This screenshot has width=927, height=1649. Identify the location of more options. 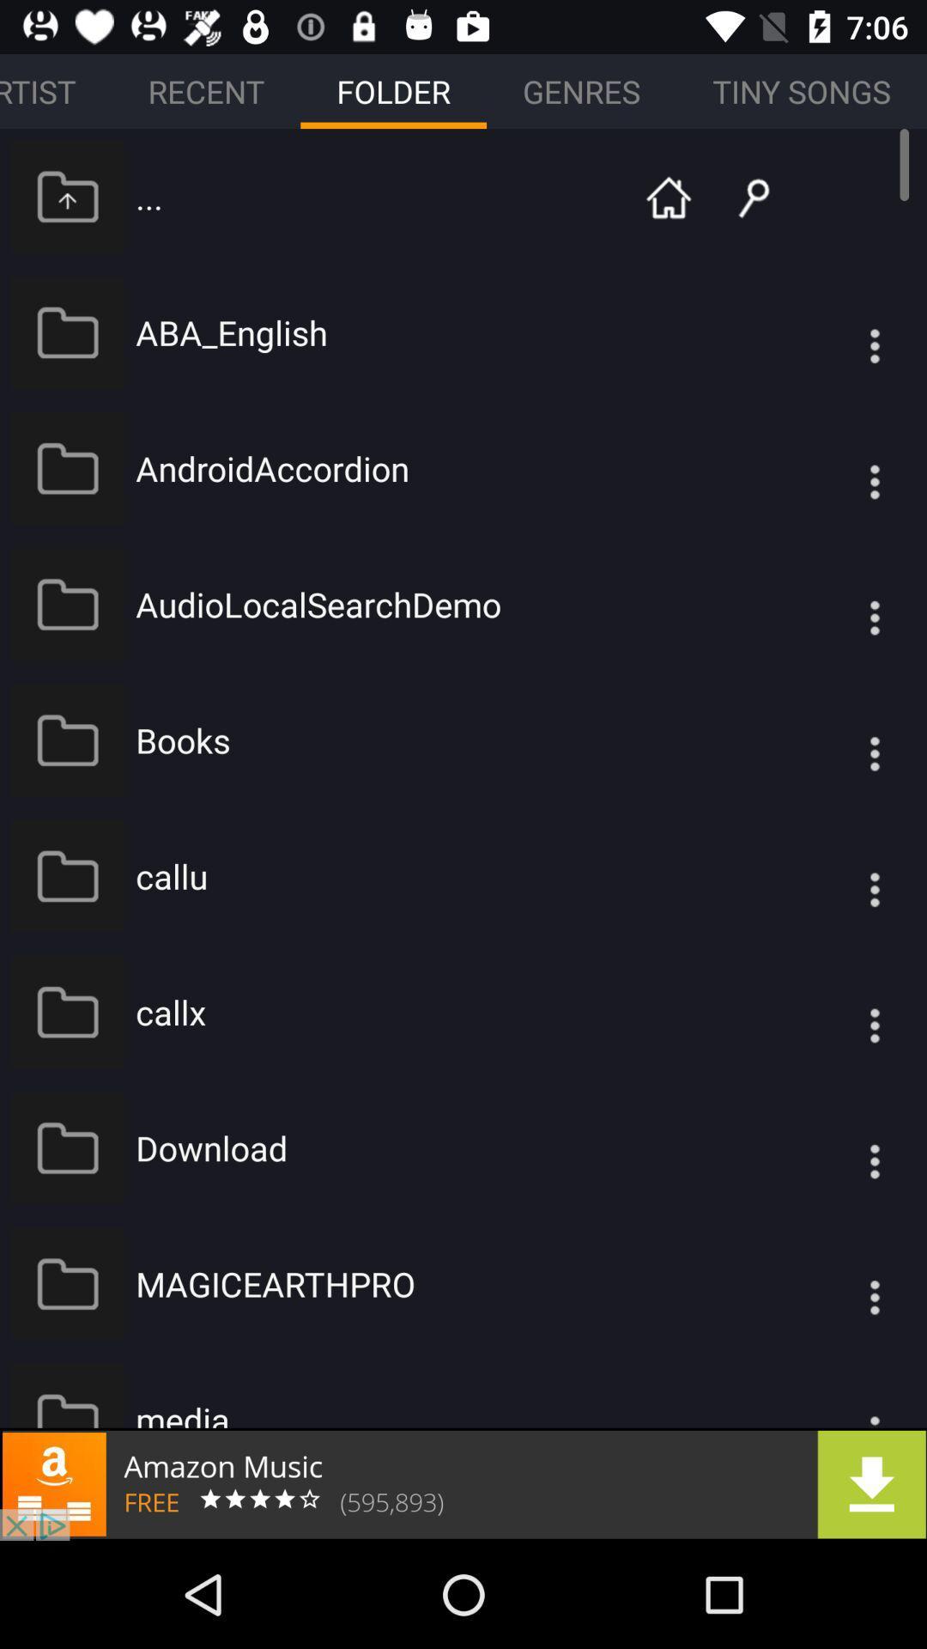
(839, 1012).